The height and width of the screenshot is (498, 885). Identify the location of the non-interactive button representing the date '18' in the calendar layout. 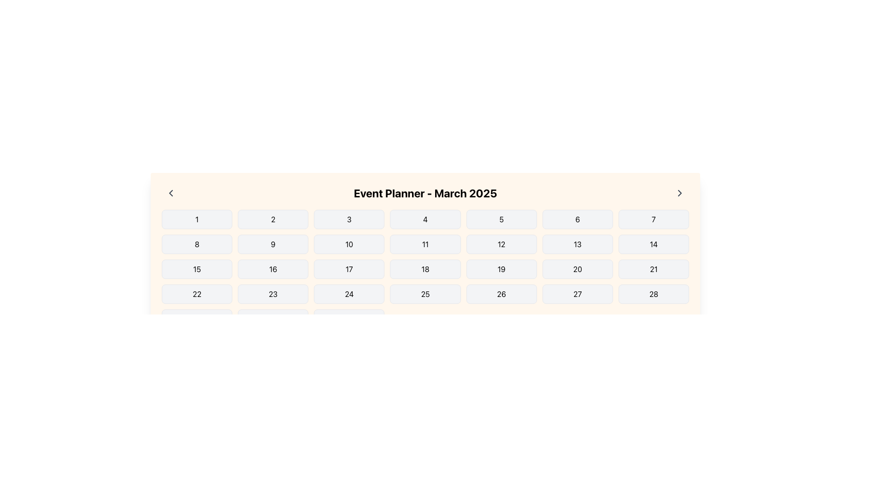
(425, 269).